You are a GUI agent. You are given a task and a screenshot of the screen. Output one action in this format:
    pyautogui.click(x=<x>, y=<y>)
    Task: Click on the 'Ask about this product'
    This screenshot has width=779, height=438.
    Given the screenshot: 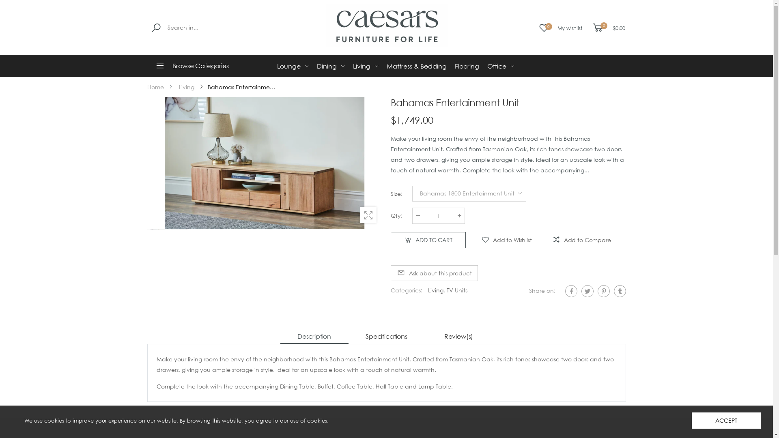 What is the action you would take?
    pyautogui.click(x=433, y=273)
    